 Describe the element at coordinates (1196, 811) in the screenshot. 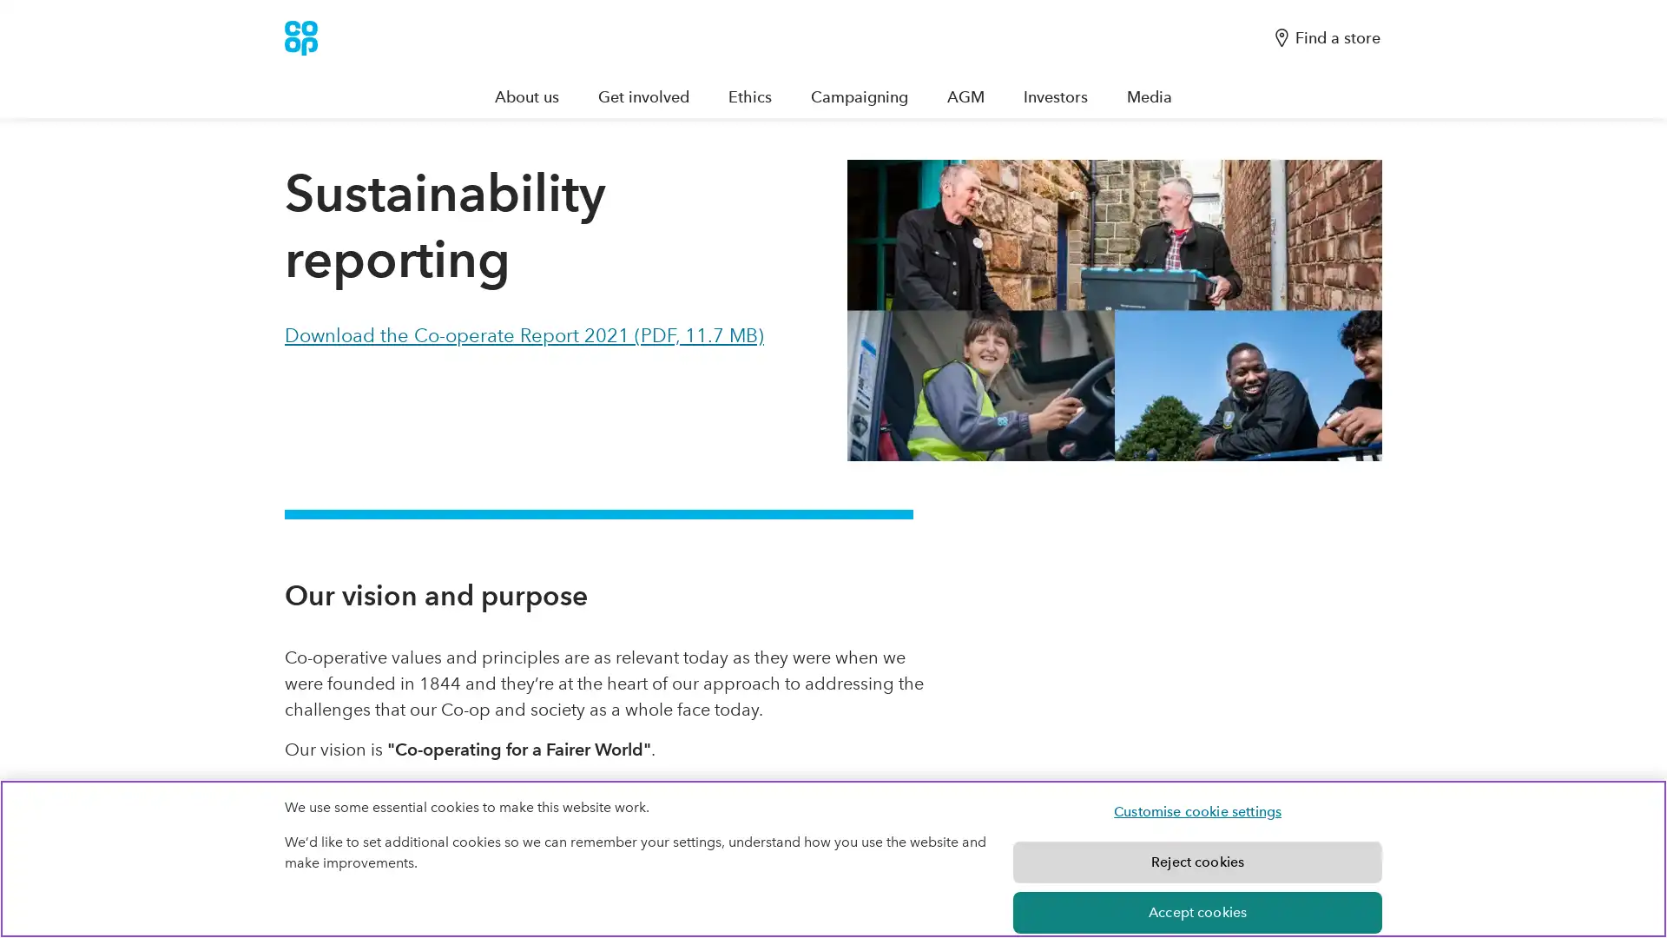

I see `Customise cookie settings` at that location.